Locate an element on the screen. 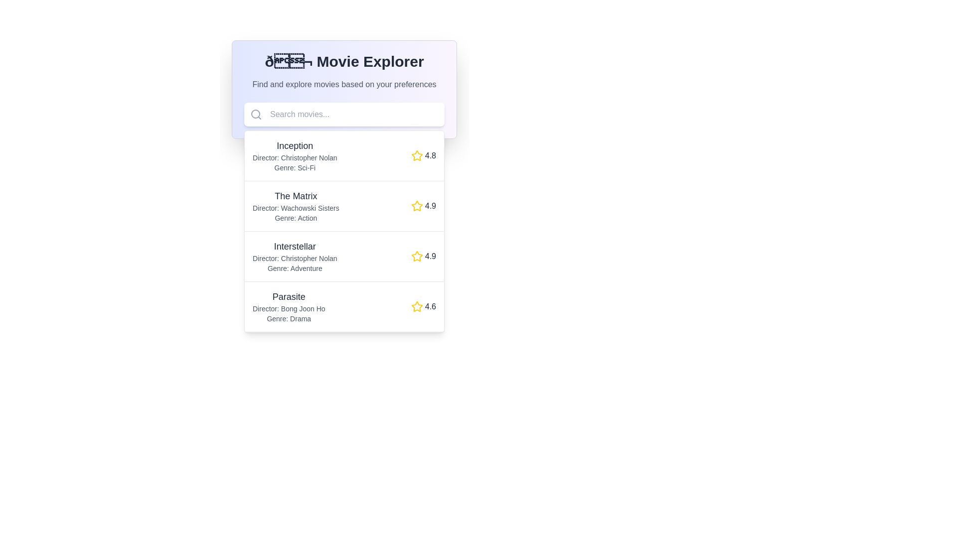 Image resolution: width=957 pixels, height=538 pixels. the text display element that shows the movie title 'Inception', which is the first item in the Movie Explorer list is located at coordinates (294, 146).